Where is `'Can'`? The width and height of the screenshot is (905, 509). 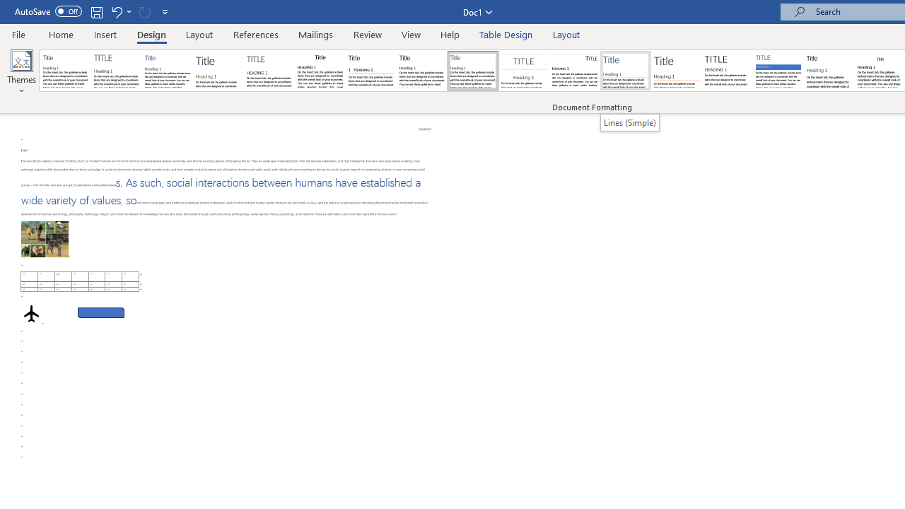
'Can' is located at coordinates (144, 11).